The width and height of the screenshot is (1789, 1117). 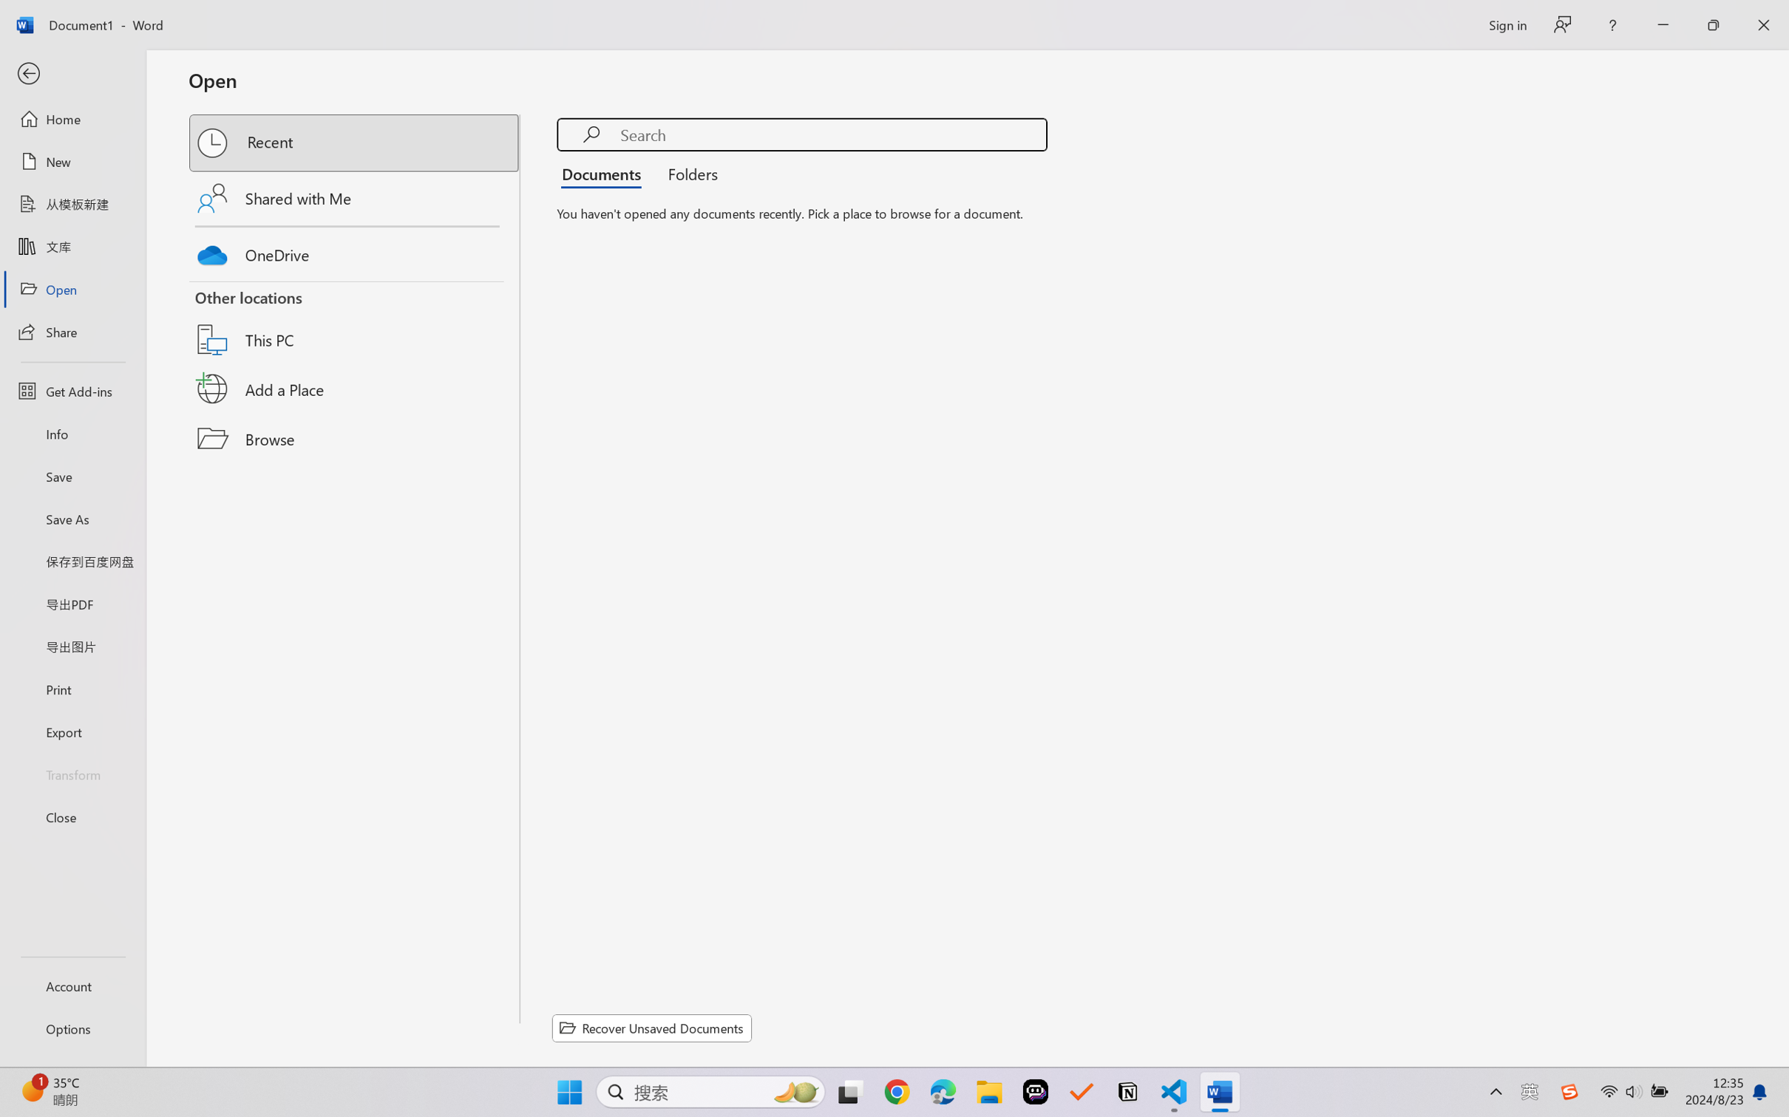 What do you see at coordinates (72, 689) in the screenshot?
I see `'Print'` at bounding box center [72, 689].